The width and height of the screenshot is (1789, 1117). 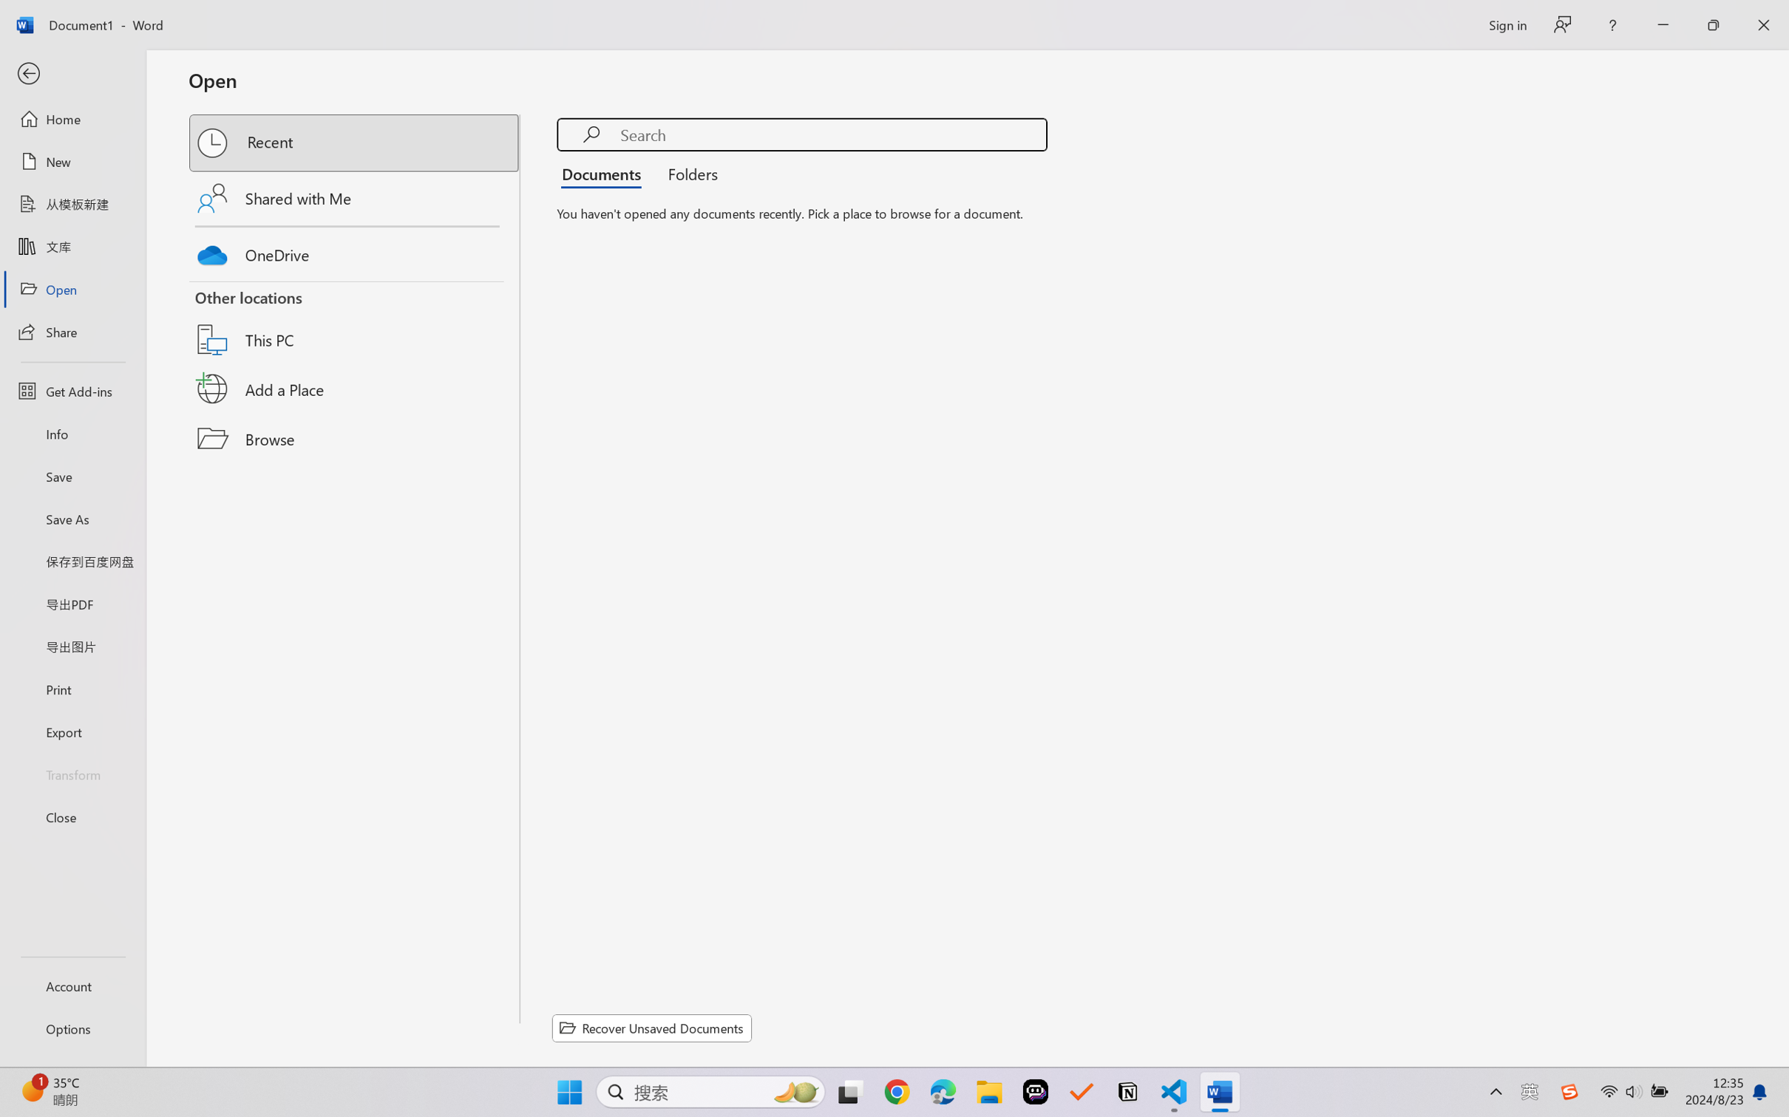 What do you see at coordinates (72, 689) in the screenshot?
I see `'Print'` at bounding box center [72, 689].